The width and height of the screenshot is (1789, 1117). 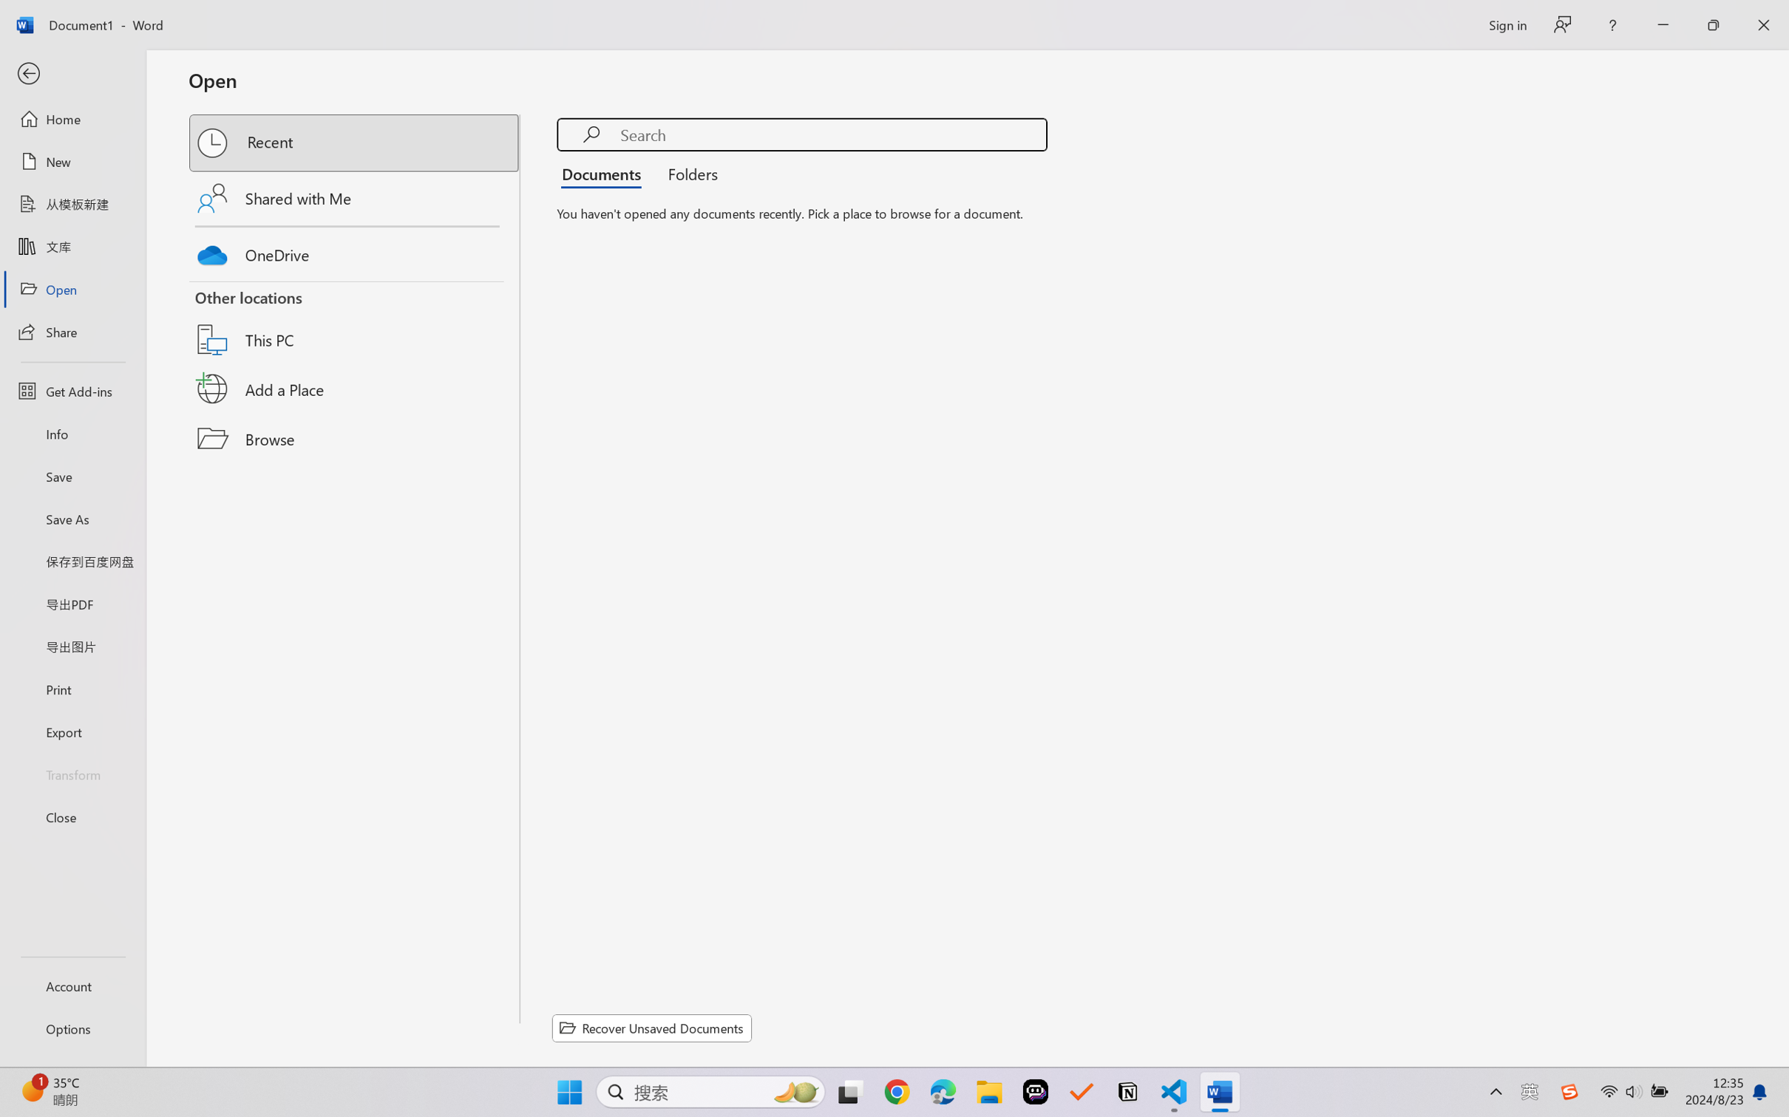 What do you see at coordinates (72, 689) in the screenshot?
I see `'Print'` at bounding box center [72, 689].